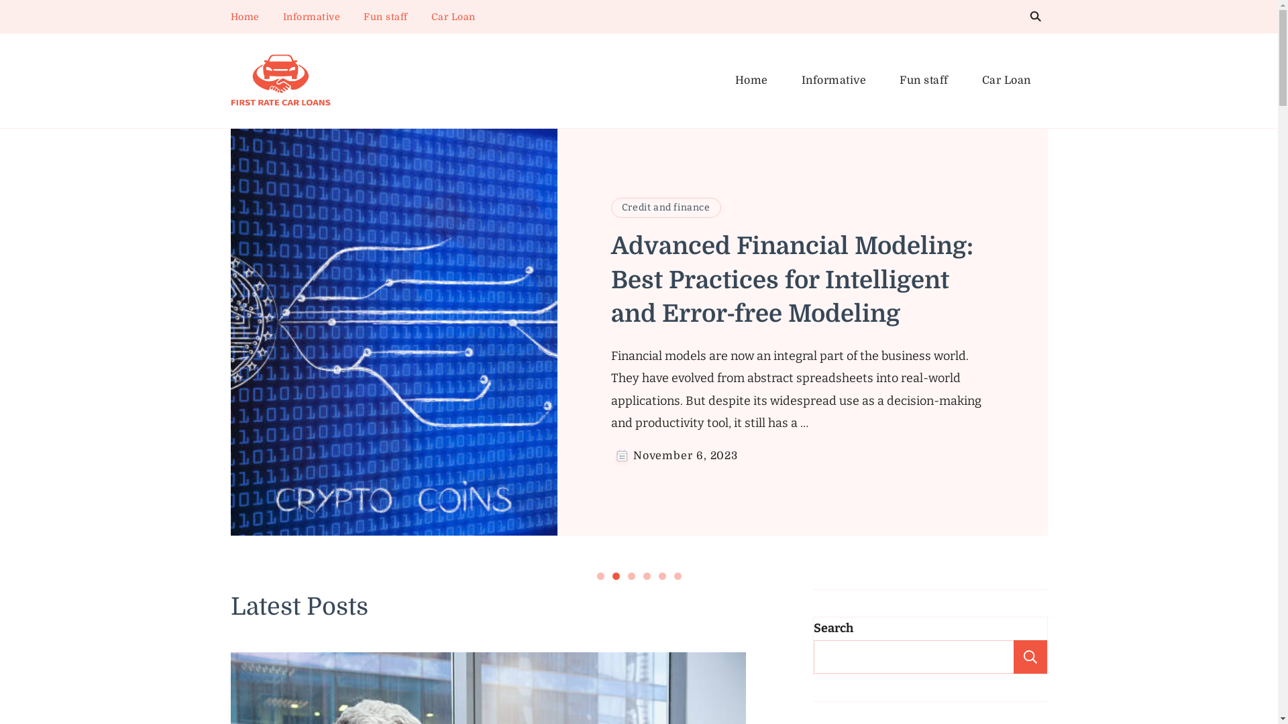 This screenshot has width=1288, height=724. What do you see at coordinates (385, 16) in the screenshot?
I see `'Fun staff'` at bounding box center [385, 16].